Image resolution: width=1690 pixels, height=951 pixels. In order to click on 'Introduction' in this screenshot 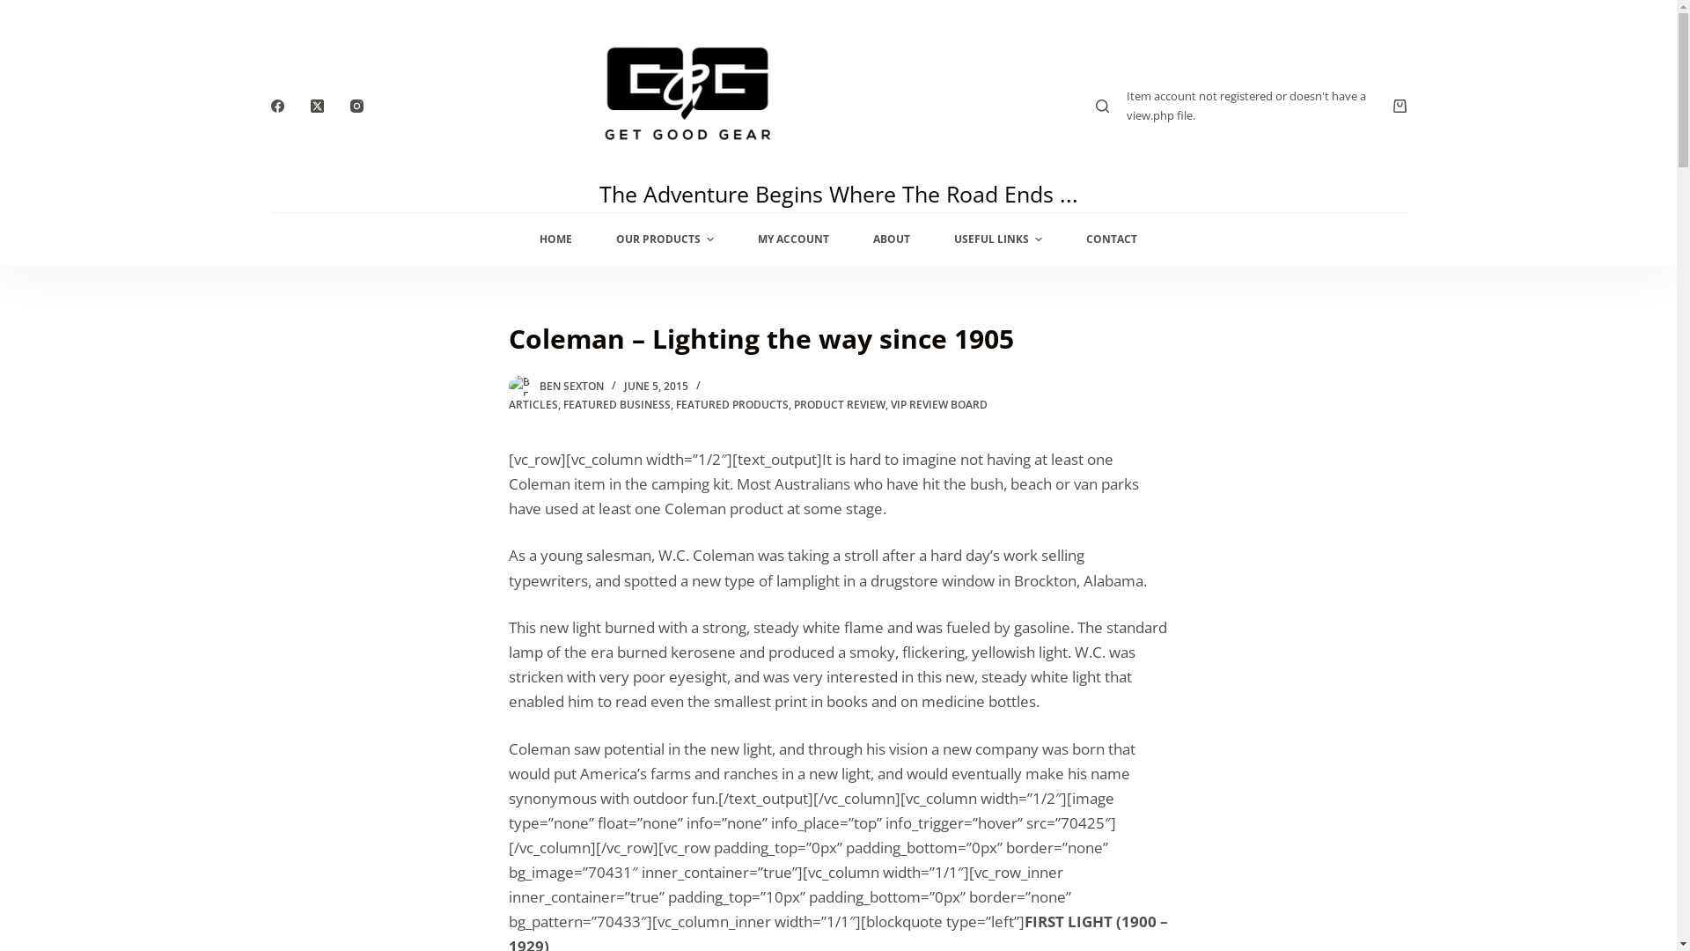, I will do `click(607, 621)`.